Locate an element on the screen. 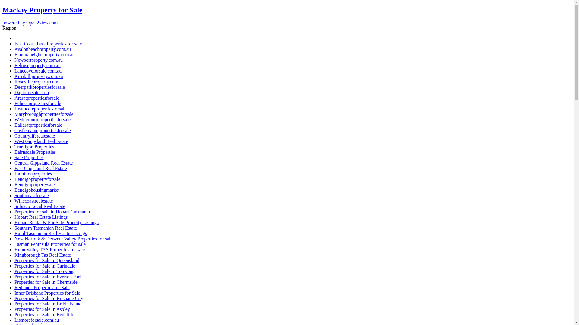 This screenshot has width=579, height=325. 'Southcoastforsale' is located at coordinates (31, 195).